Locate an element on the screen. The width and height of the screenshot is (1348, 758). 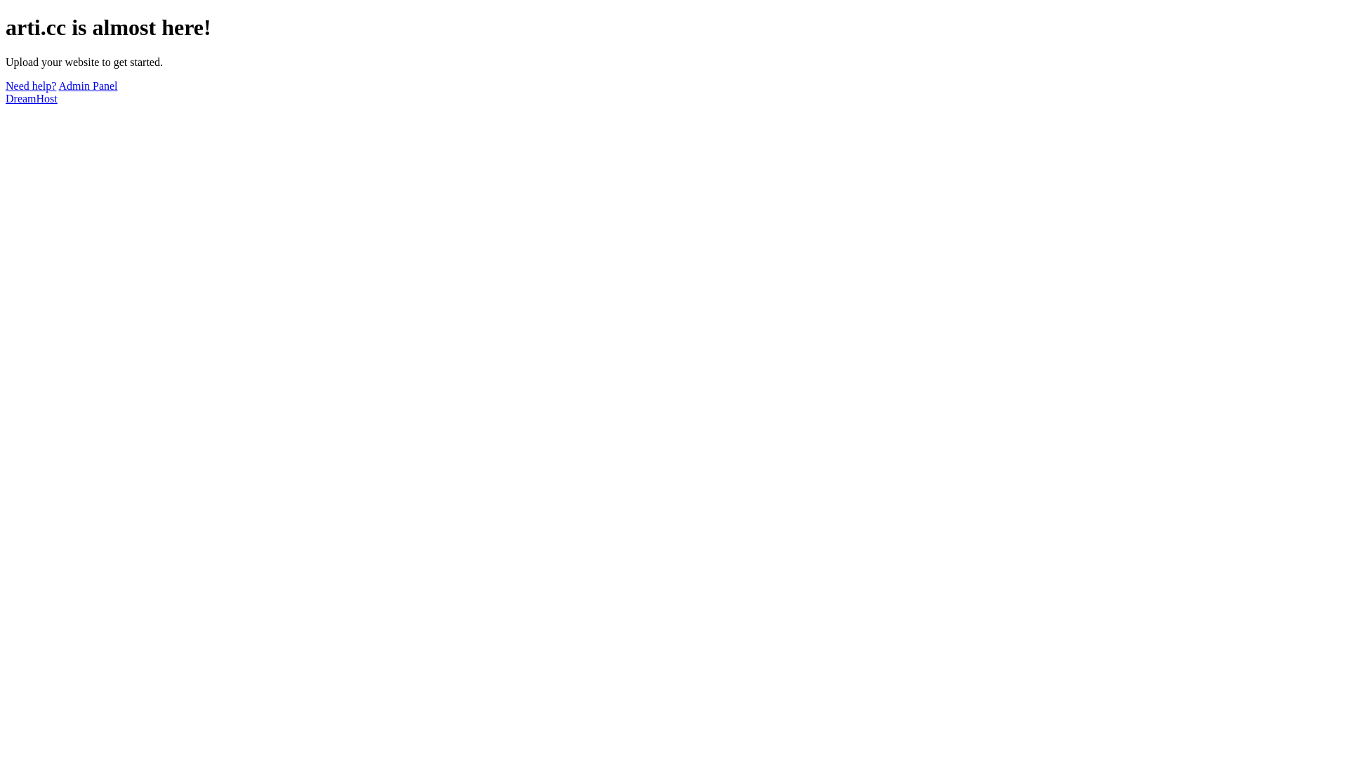
'Need help?' is located at coordinates (30, 86).